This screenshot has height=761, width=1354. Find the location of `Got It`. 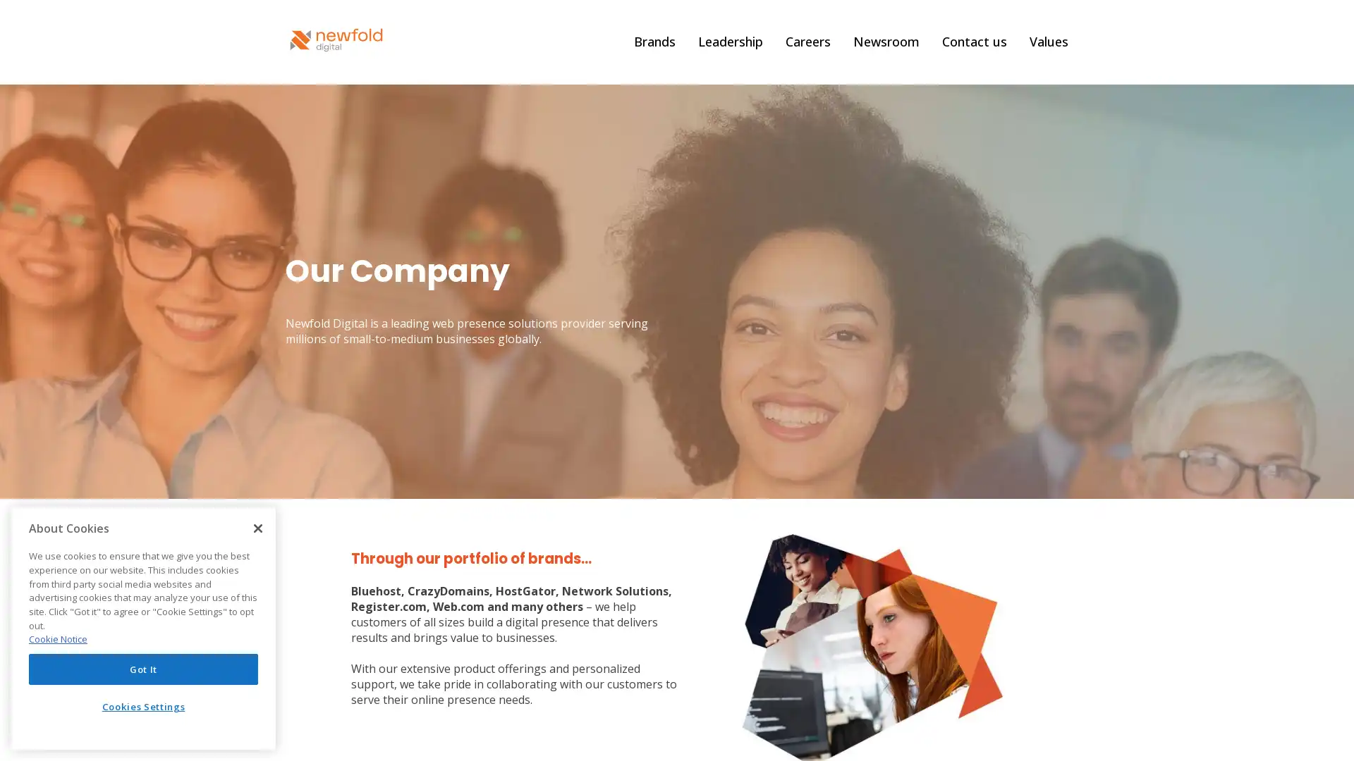

Got It is located at coordinates (143, 668).